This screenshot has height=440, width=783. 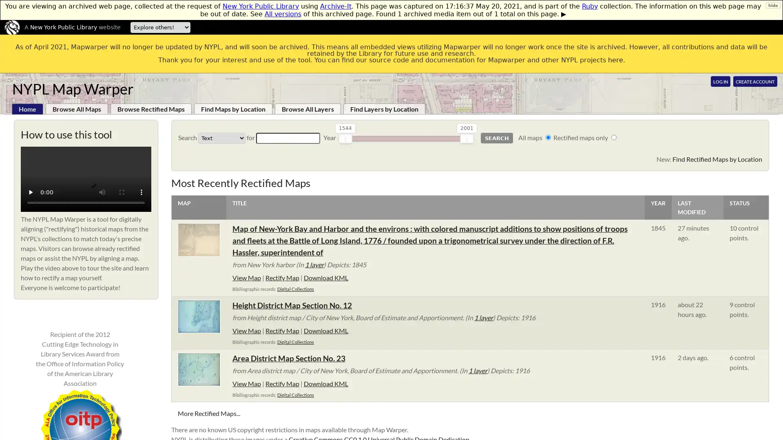 I want to click on enter full screen, so click(x=121, y=192).